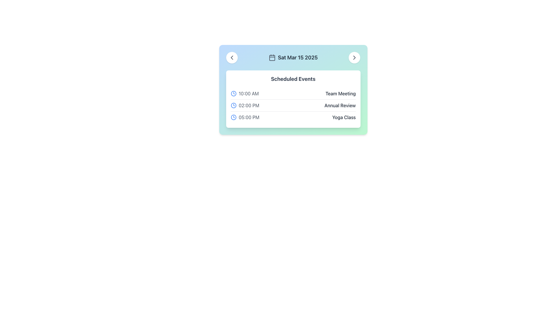 The image size is (556, 313). What do you see at coordinates (354, 58) in the screenshot?
I see `the chevron right navigation icon located in the top-right corner of the calendar widget` at bounding box center [354, 58].